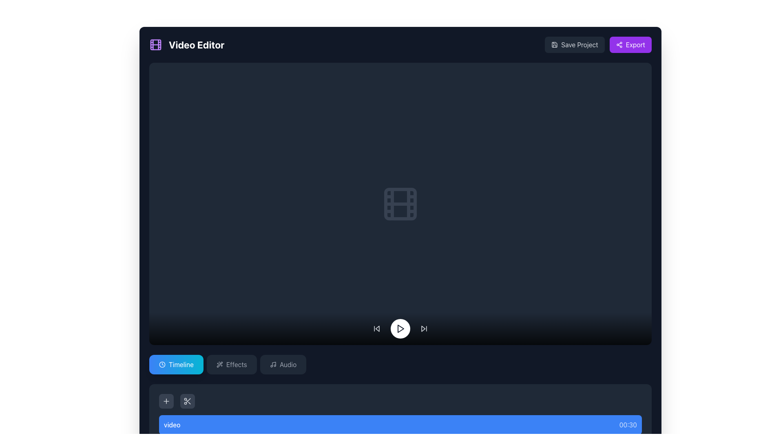 The width and height of the screenshot is (783, 440). I want to click on the film strip icon, which is purple and has rectangular cutouts, located at the top-left corner adjacent to 'Video Editor', so click(156, 45).